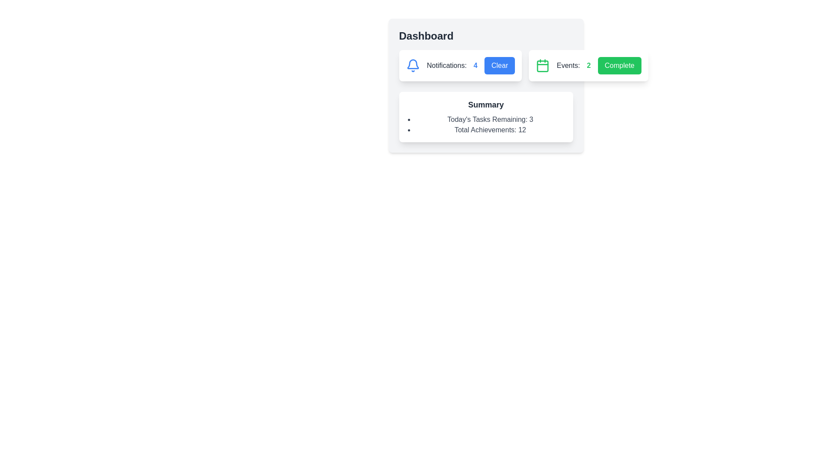  What do you see at coordinates (542, 66) in the screenshot?
I see `the rectangular SVG shape with rounded corners embedded in the calendar icon, located centrally within the calendar icon in the events-related section of the dashboard interface` at bounding box center [542, 66].